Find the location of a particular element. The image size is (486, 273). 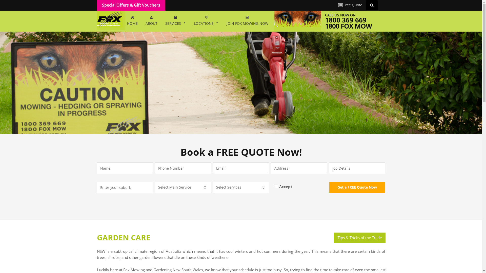

'Rechercher' is located at coordinates (373, 5).